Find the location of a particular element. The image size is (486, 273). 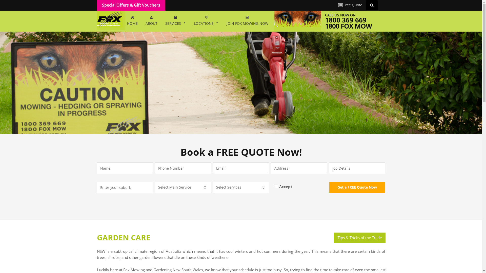

'Rechercher' is located at coordinates (373, 5).